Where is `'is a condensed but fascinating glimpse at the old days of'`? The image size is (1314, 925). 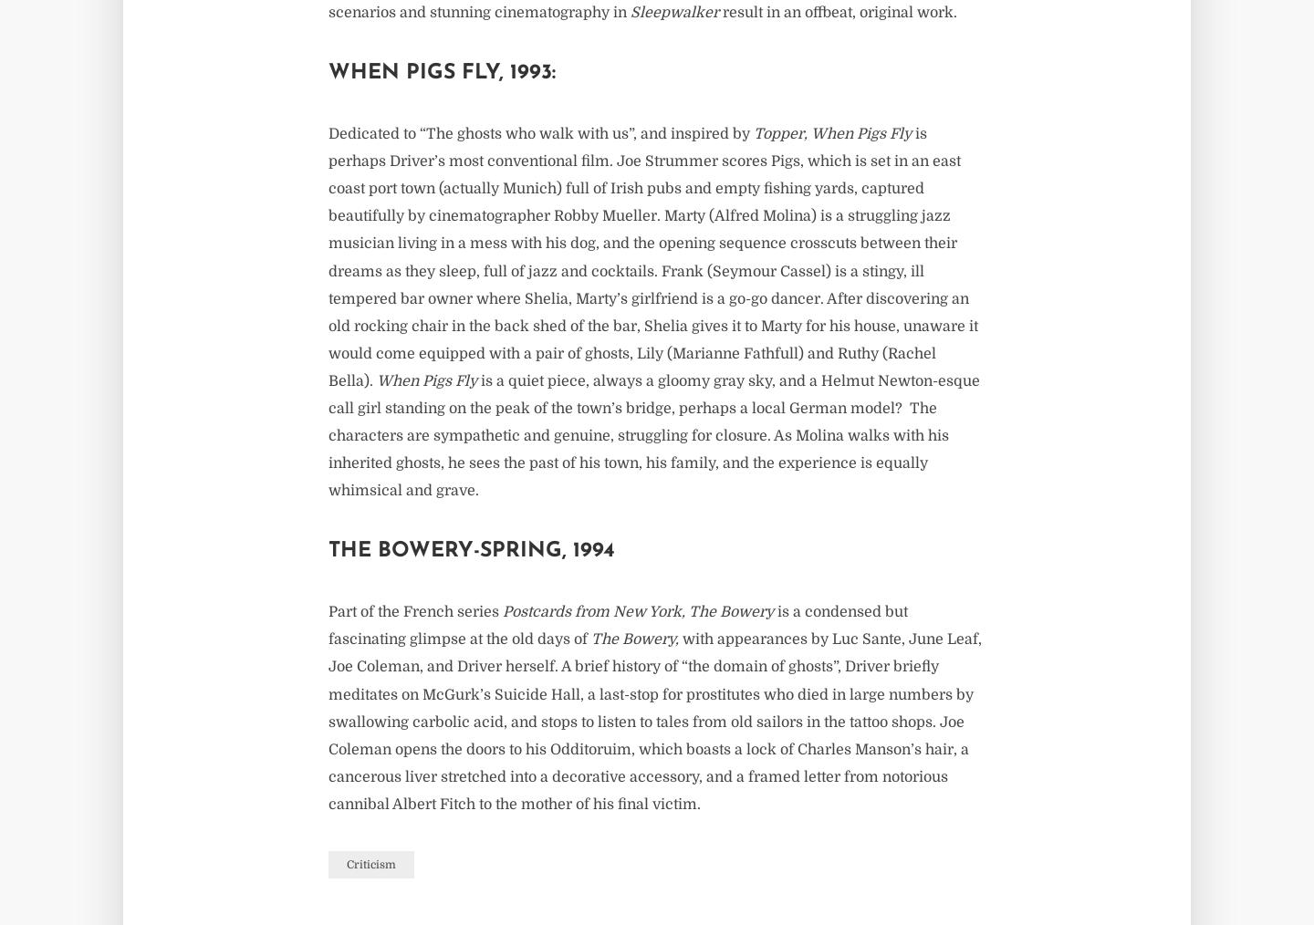
'is a condensed but fascinating glimpse at the old days of' is located at coordinates (618, 624).